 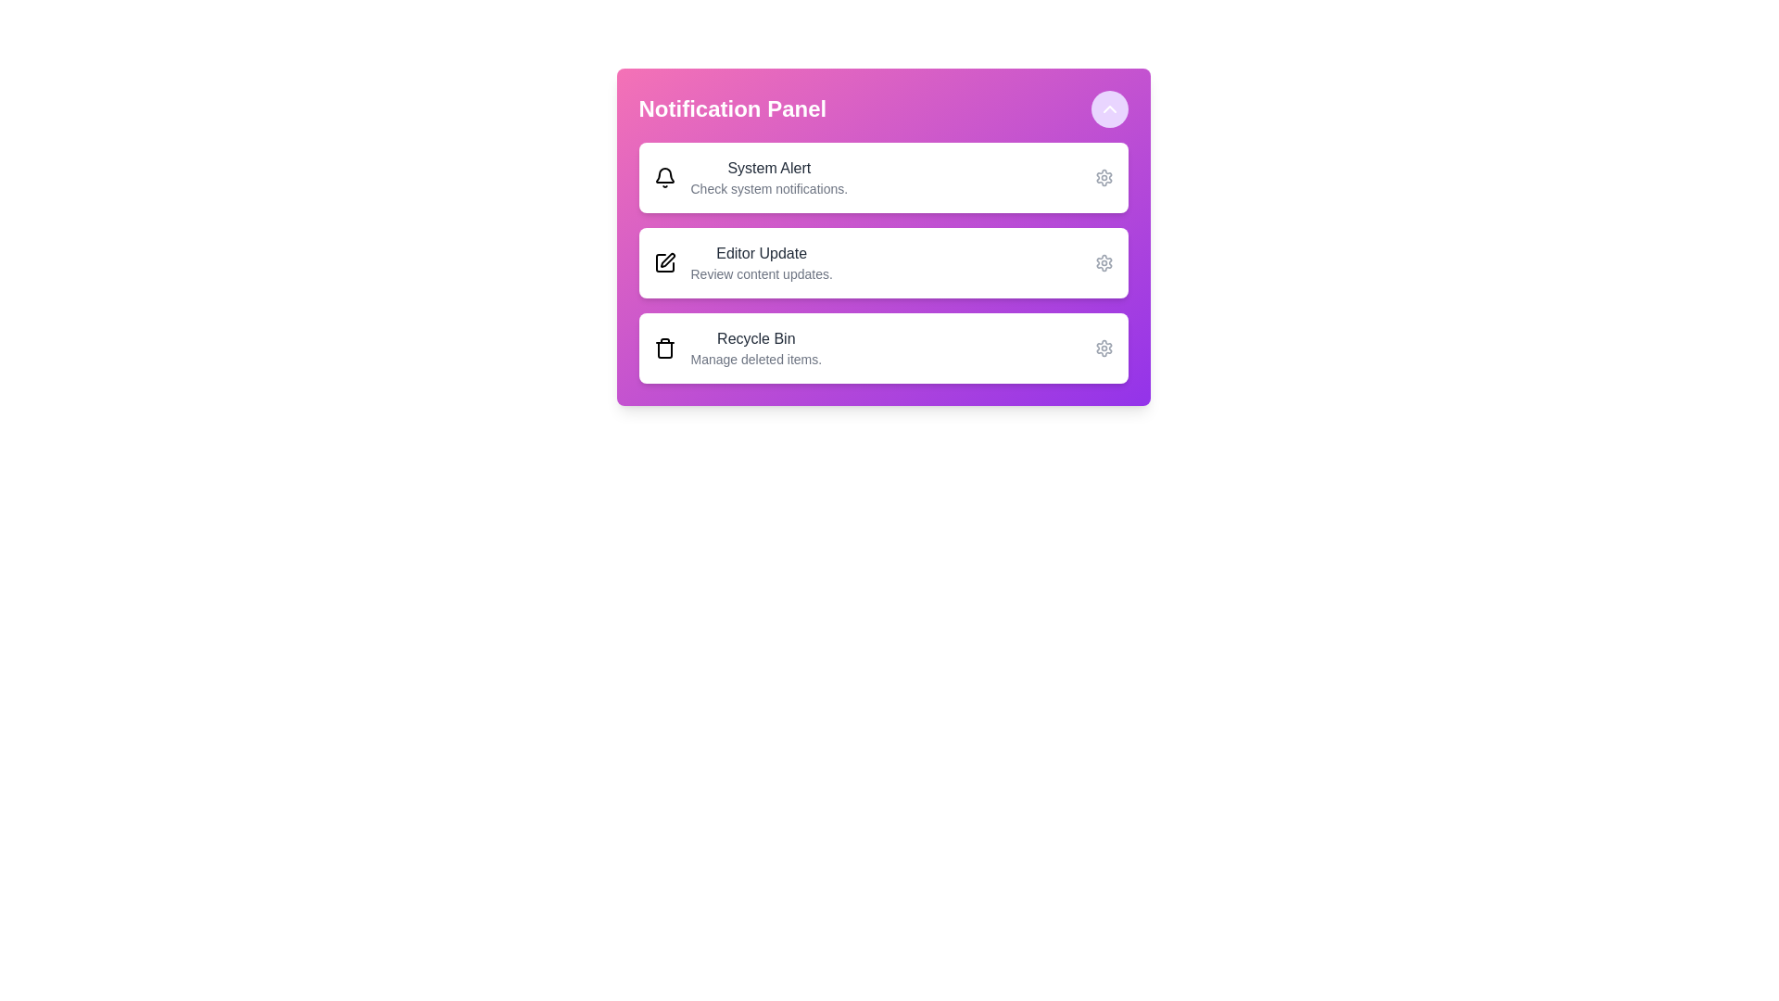 What do you see at coordinates (1104, 178) in the screenshot?
I see `the settings icon for the notification labeled 'System Alert'` at bounding box center [1104, 178].